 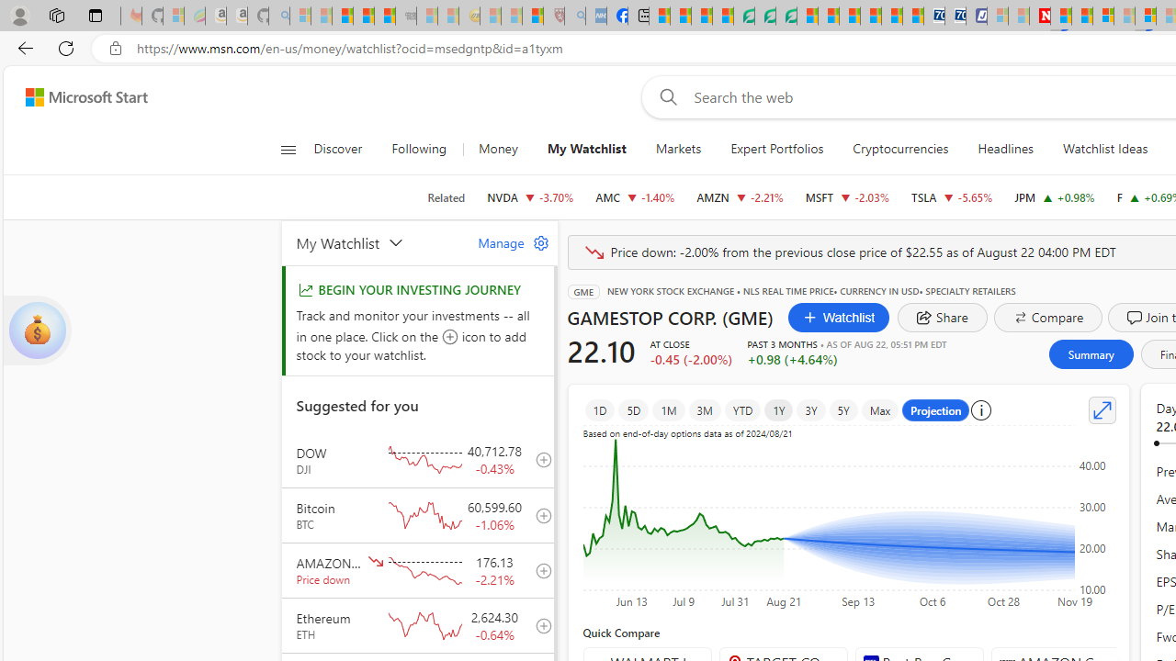 I want to click on 'Watchlist', so click(x=838, y=316).